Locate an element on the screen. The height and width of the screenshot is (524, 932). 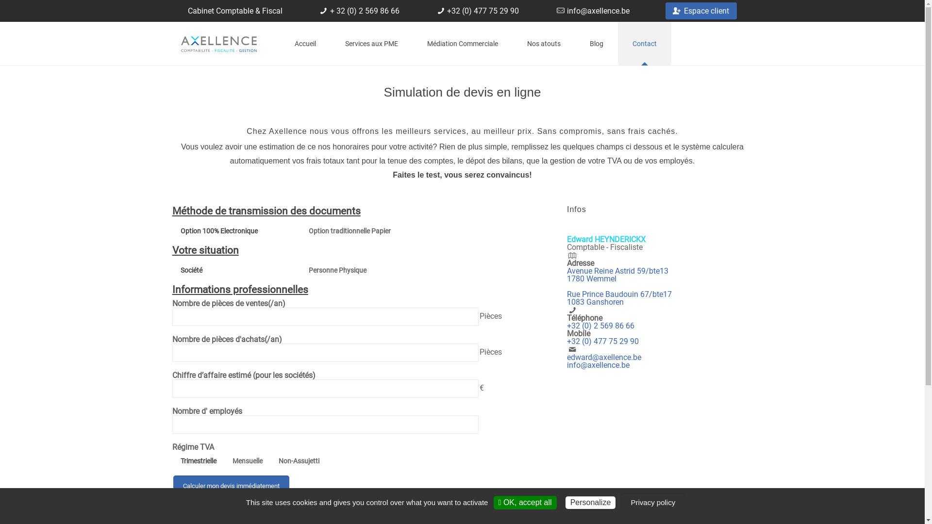
'Accueil' is located at coordinates (304, 43).